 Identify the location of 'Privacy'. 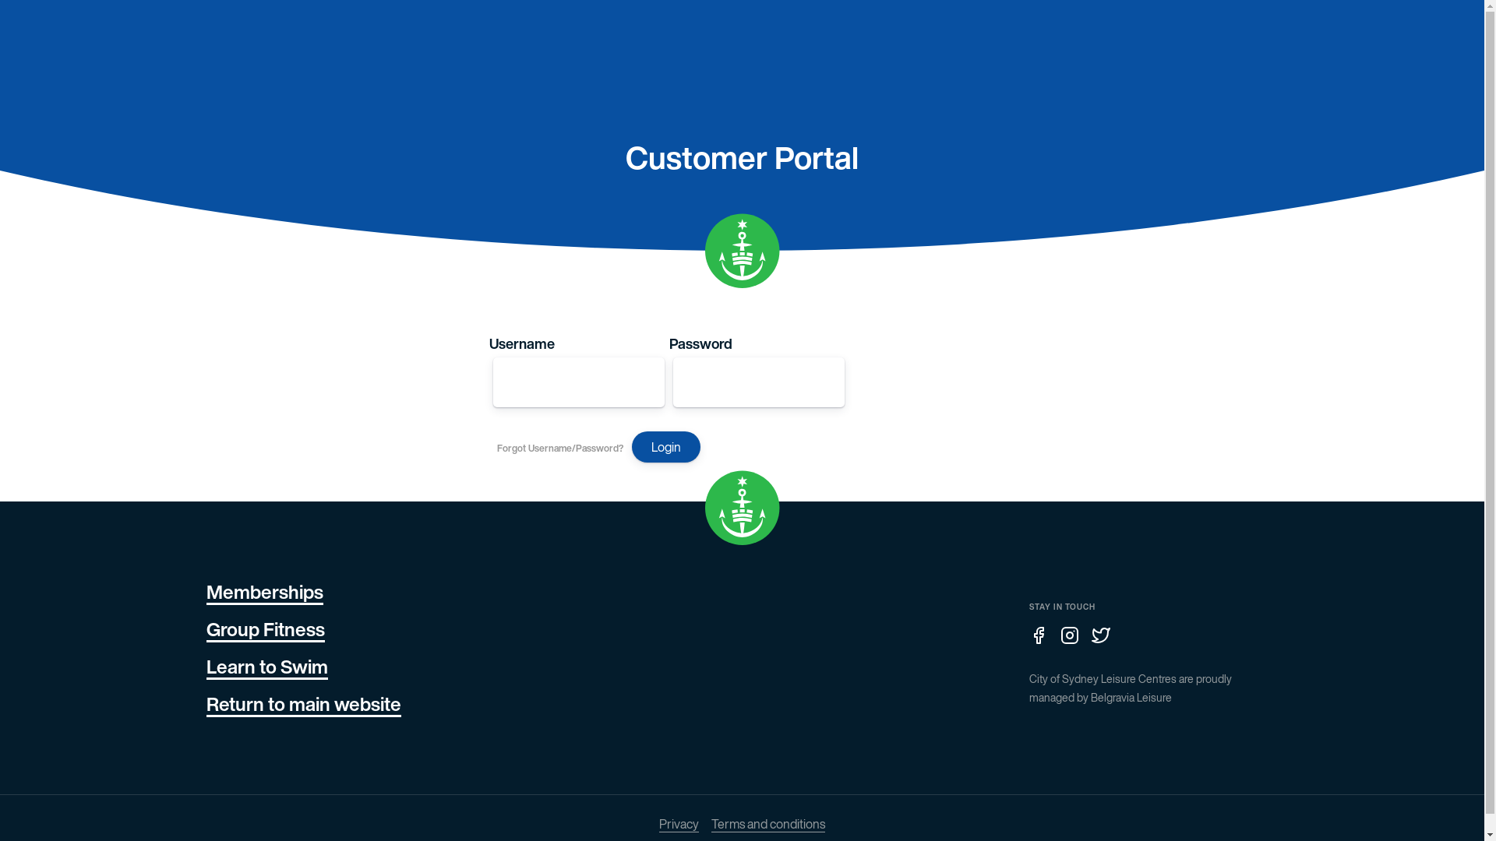
(658, 822).